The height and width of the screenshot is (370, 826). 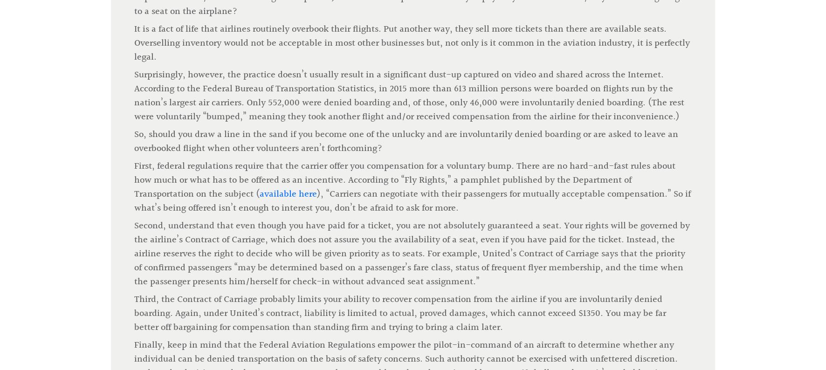 What do you see at coordinates (405, 26) in the screenshot?
I see `'First, federal regulations require that the carrier offer you compensation for a voluntary bump. There are no hard-and-fast rules about how much or what has to be offered as an incentive. According to “Fly Rights,” a pamphlet published by the Department of Transportation on the subject ('` at bounding box center [405, 26].